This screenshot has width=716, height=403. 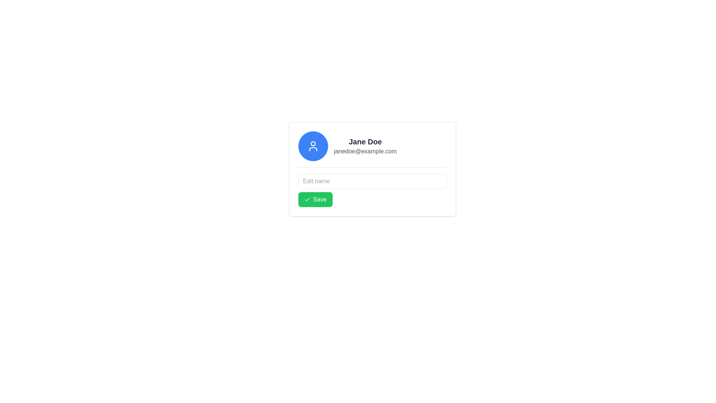 What do you see at coordinates (313, 146) in the screenshot?
I see `the user silhouette icon, which is a white icon with a circular head and rounded rectangle shoulders, located on a blue circular background in the top-left section of the user profile display` at bounding box center [313, 146].